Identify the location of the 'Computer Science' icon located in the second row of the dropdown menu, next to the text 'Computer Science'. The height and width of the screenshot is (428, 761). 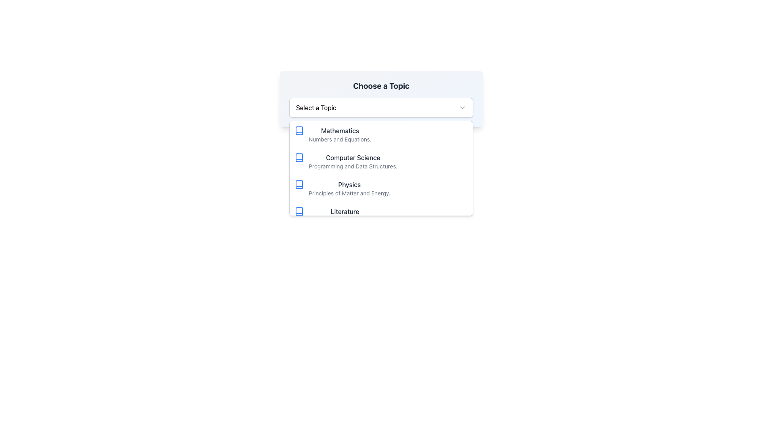
(298, 157).